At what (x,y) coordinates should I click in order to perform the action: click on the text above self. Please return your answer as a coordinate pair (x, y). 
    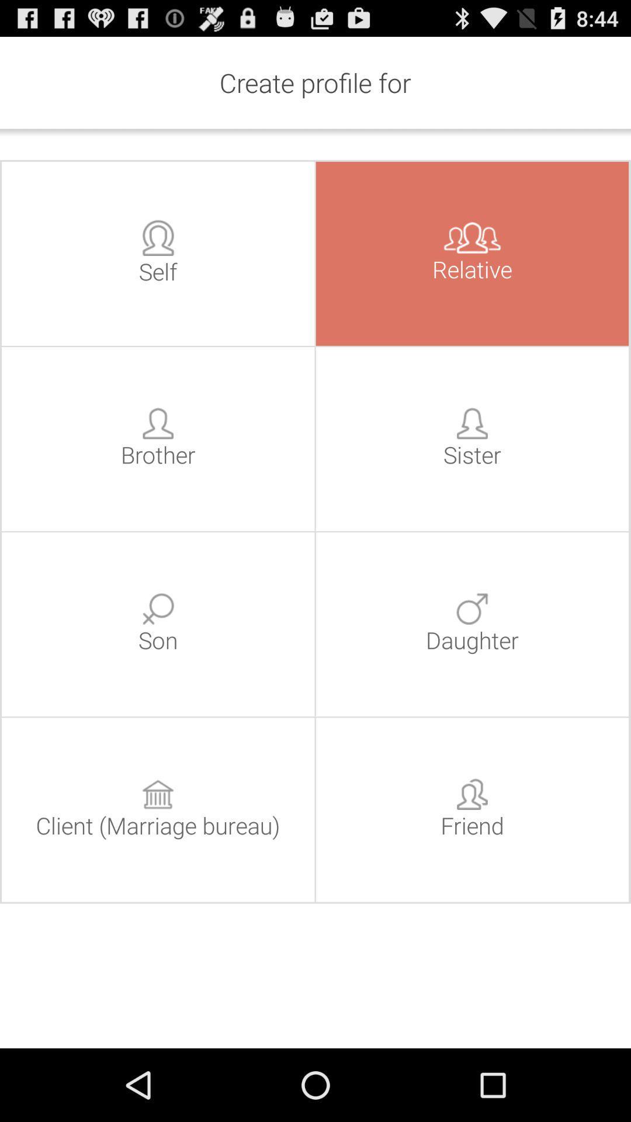
    Looking at the image, I should click on (158, 237).